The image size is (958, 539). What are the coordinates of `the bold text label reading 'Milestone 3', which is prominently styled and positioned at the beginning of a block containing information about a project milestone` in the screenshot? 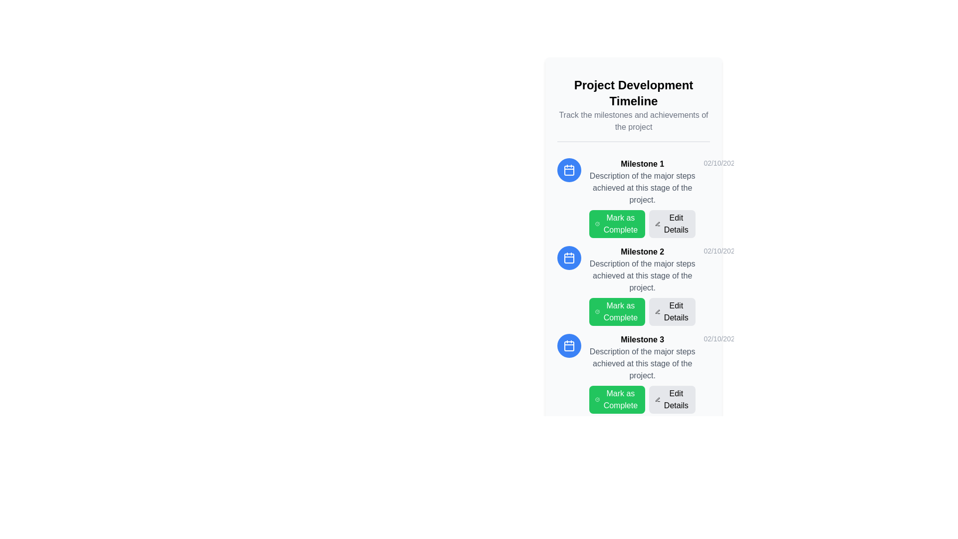 It's located at (642, 339).